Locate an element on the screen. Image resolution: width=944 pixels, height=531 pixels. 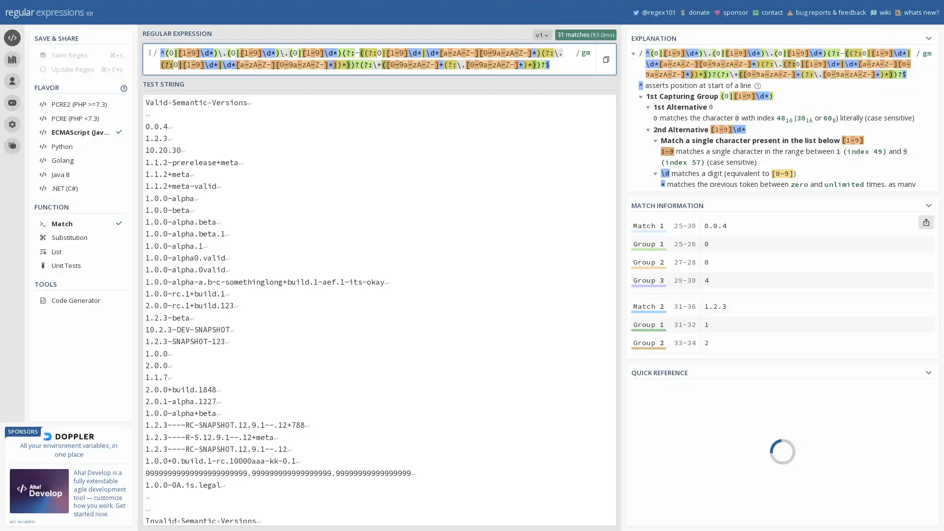
Collapse Subtree is located at coordinates (635, 53).